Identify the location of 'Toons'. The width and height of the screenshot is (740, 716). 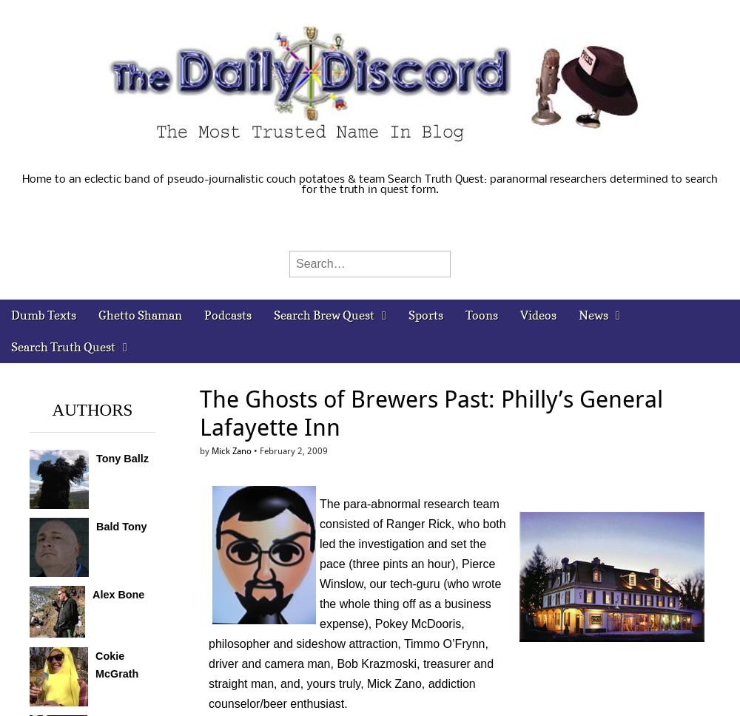
(481, 315).